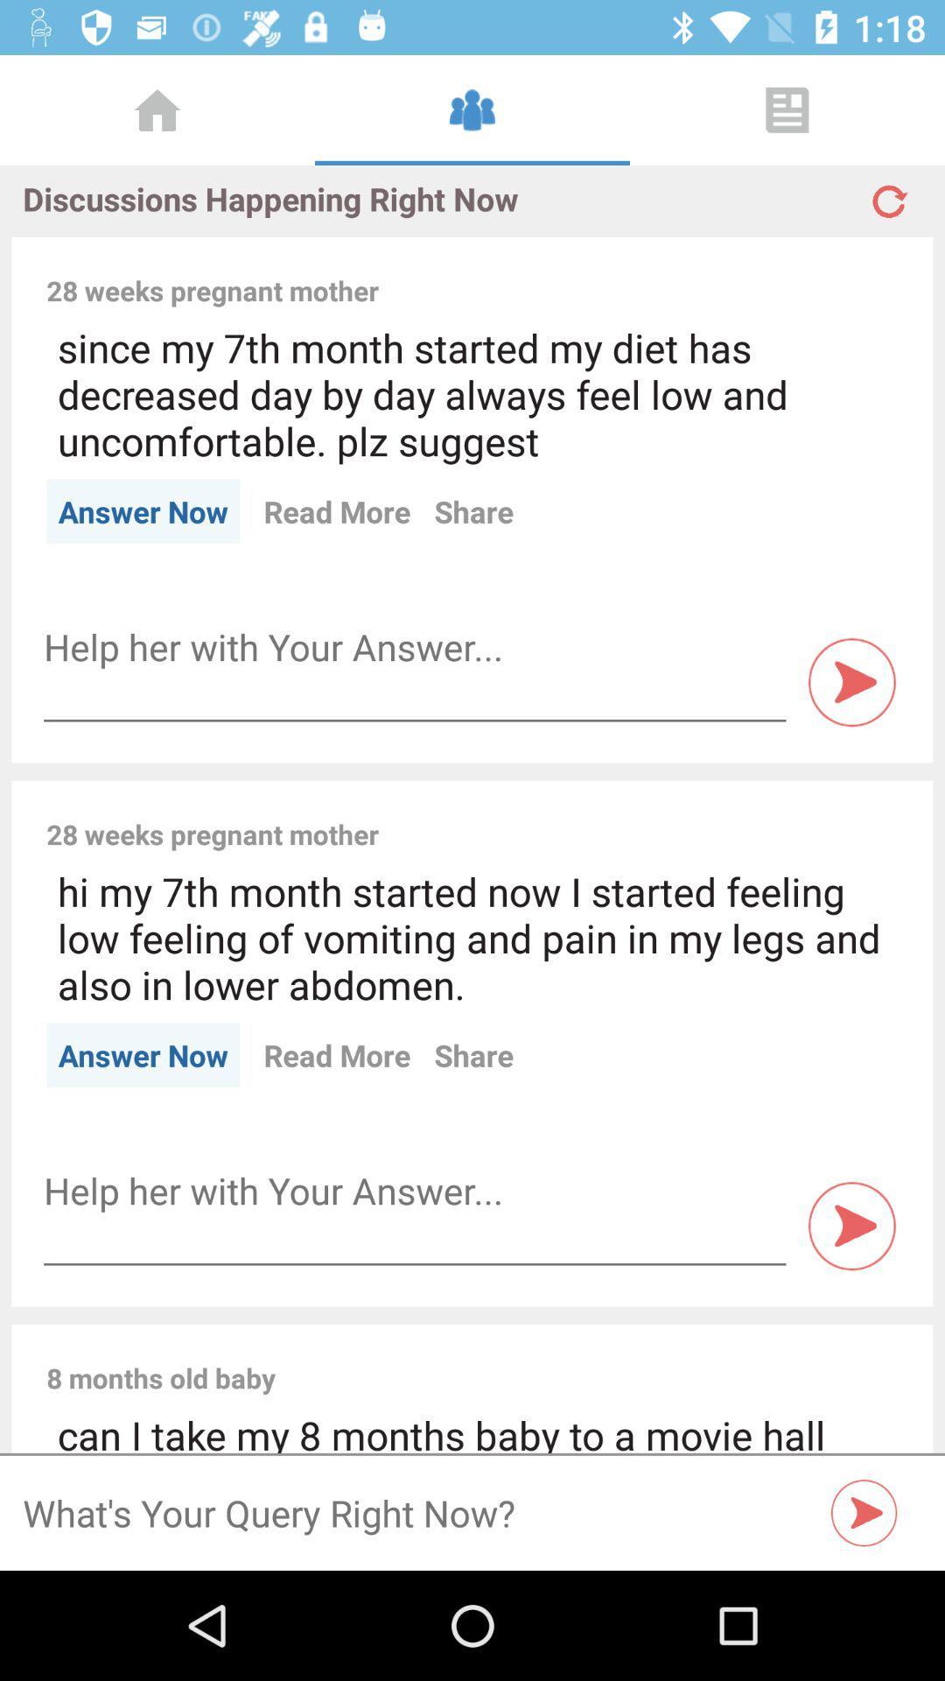  Describe the element at coordinates (851, 1225) in the screenshot. I see `next` at that location.